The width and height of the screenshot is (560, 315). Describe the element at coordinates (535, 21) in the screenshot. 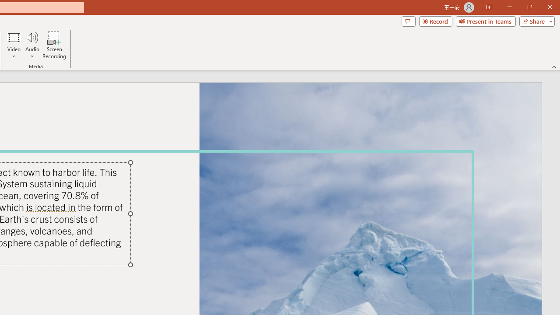

I see `'Share'` at that location.